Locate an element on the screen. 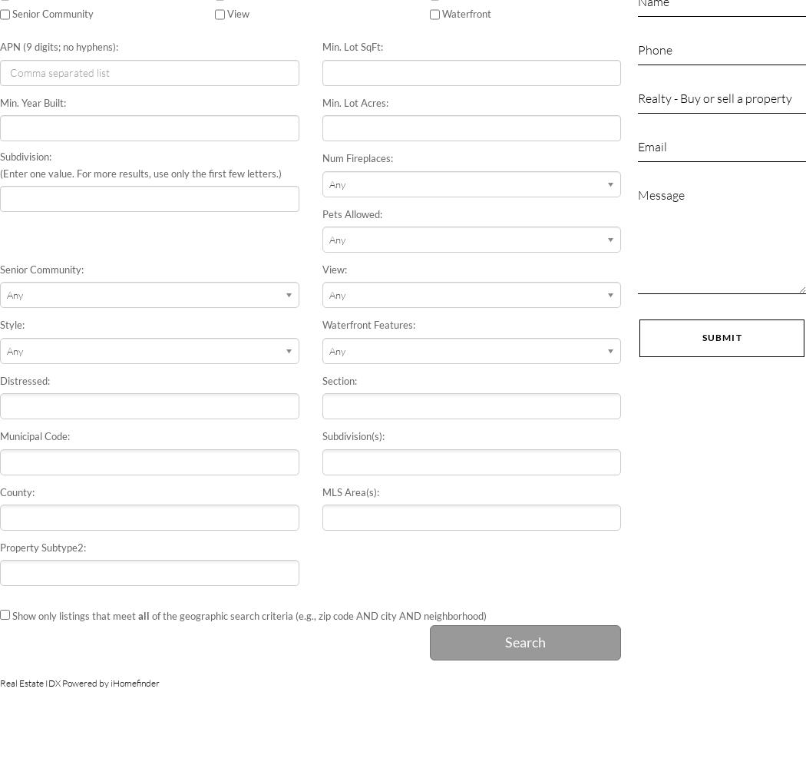 The image size is (806, 768). 'all' is located at coordinates (137, 616).